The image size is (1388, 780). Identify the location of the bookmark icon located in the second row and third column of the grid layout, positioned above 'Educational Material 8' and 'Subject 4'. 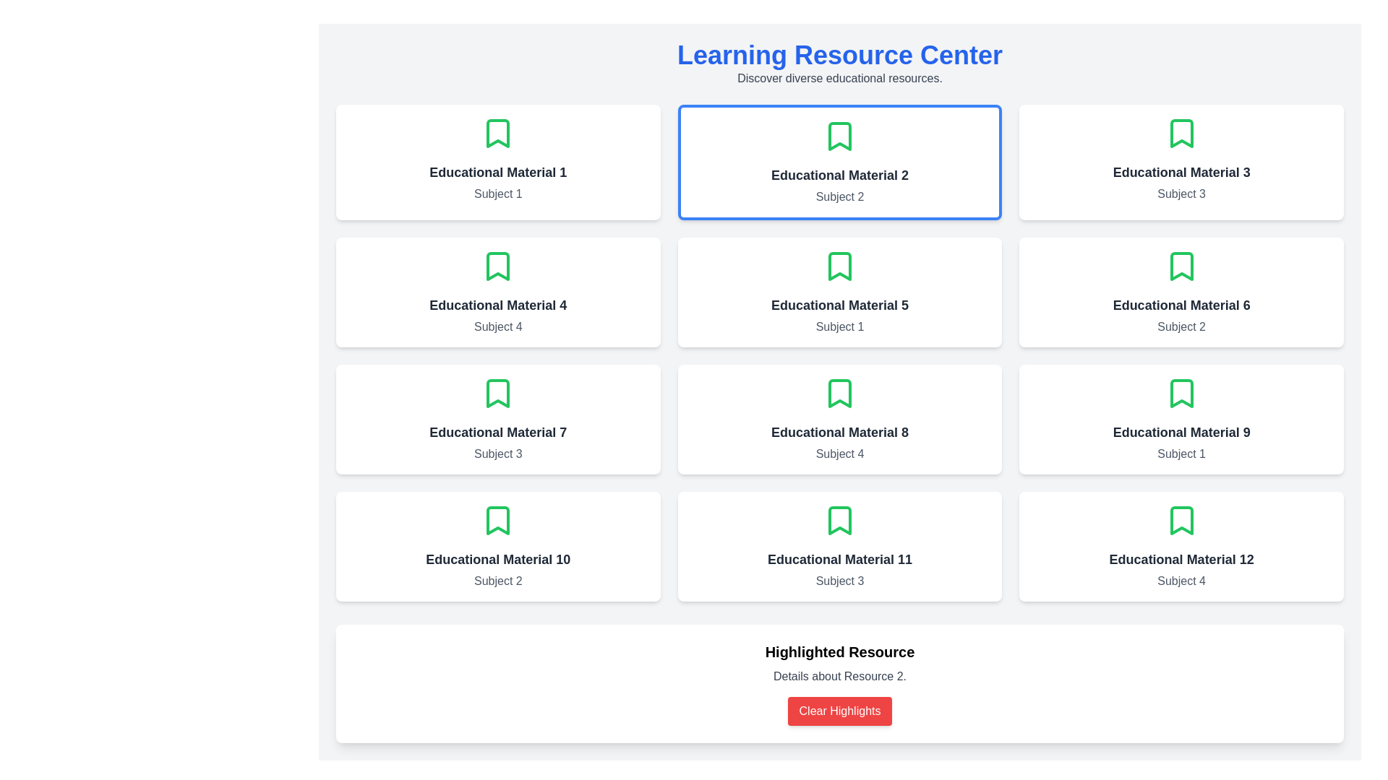
(839, 393).